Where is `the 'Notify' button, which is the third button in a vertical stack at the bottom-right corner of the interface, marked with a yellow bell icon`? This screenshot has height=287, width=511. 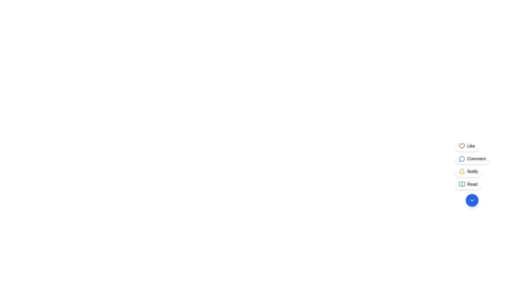 the 'Notify' button, which is the third button in a vertical stack at the bottom-right corner of the interface, marked with a yellow bell icon is located at coordinates (472, 174).